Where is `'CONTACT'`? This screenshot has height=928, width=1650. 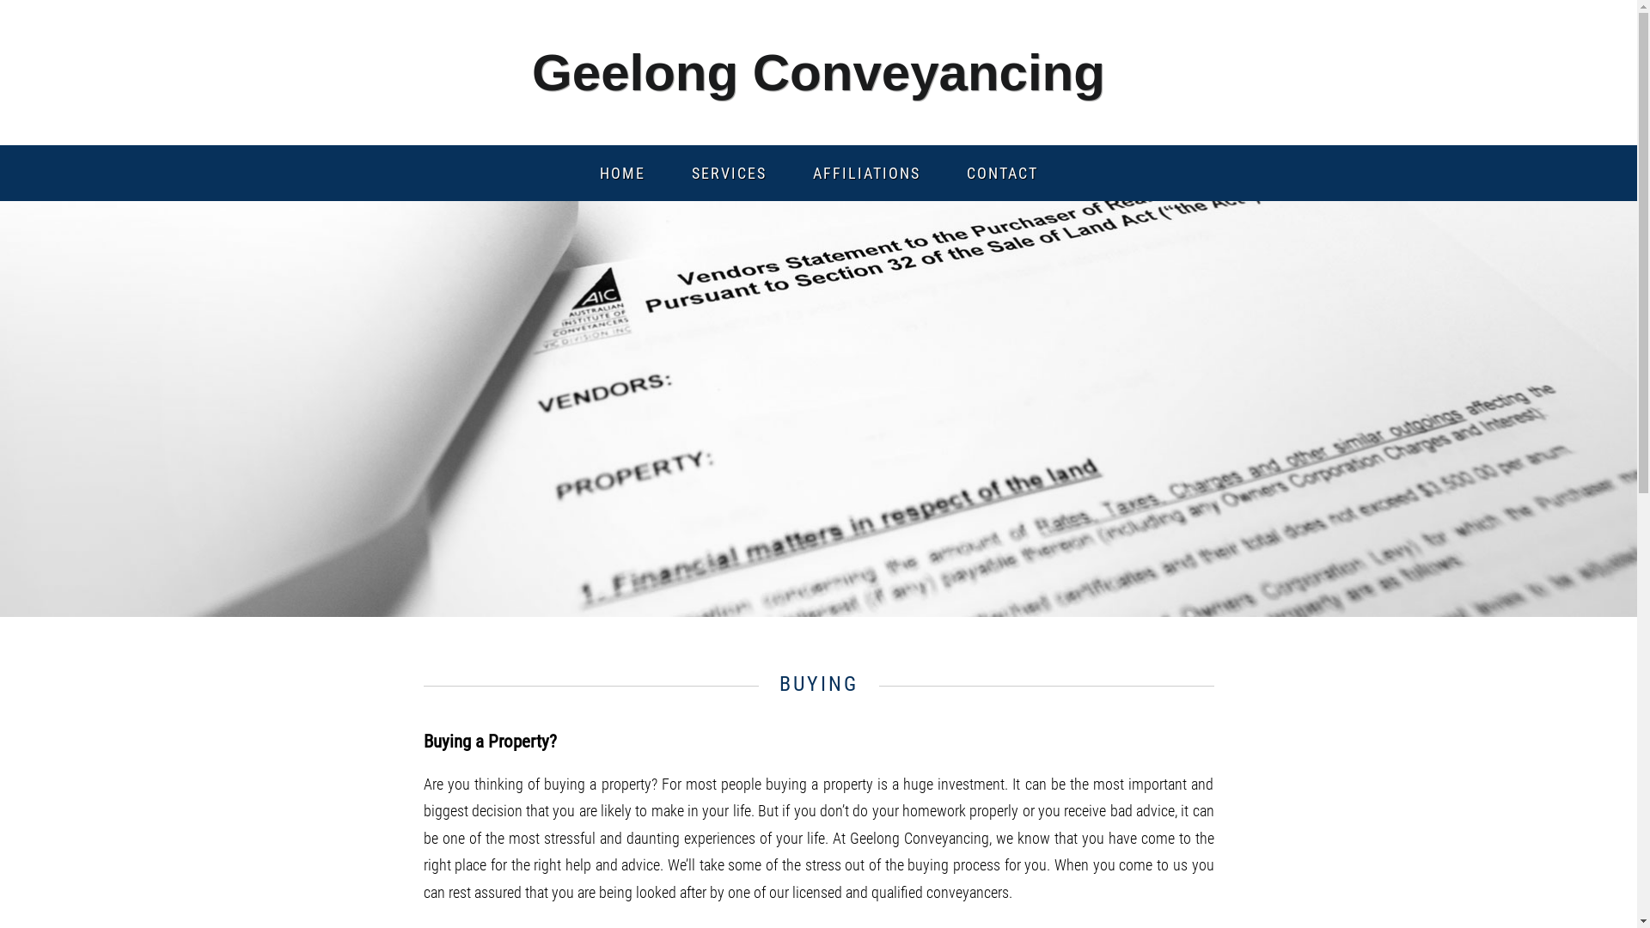 'CONTACT' is located at coordinates (1002, 173).